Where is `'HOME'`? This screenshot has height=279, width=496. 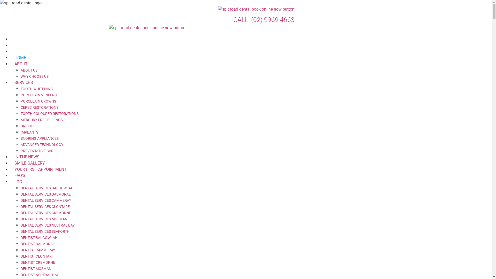 'HOME' is located at coordinates (20, 58).